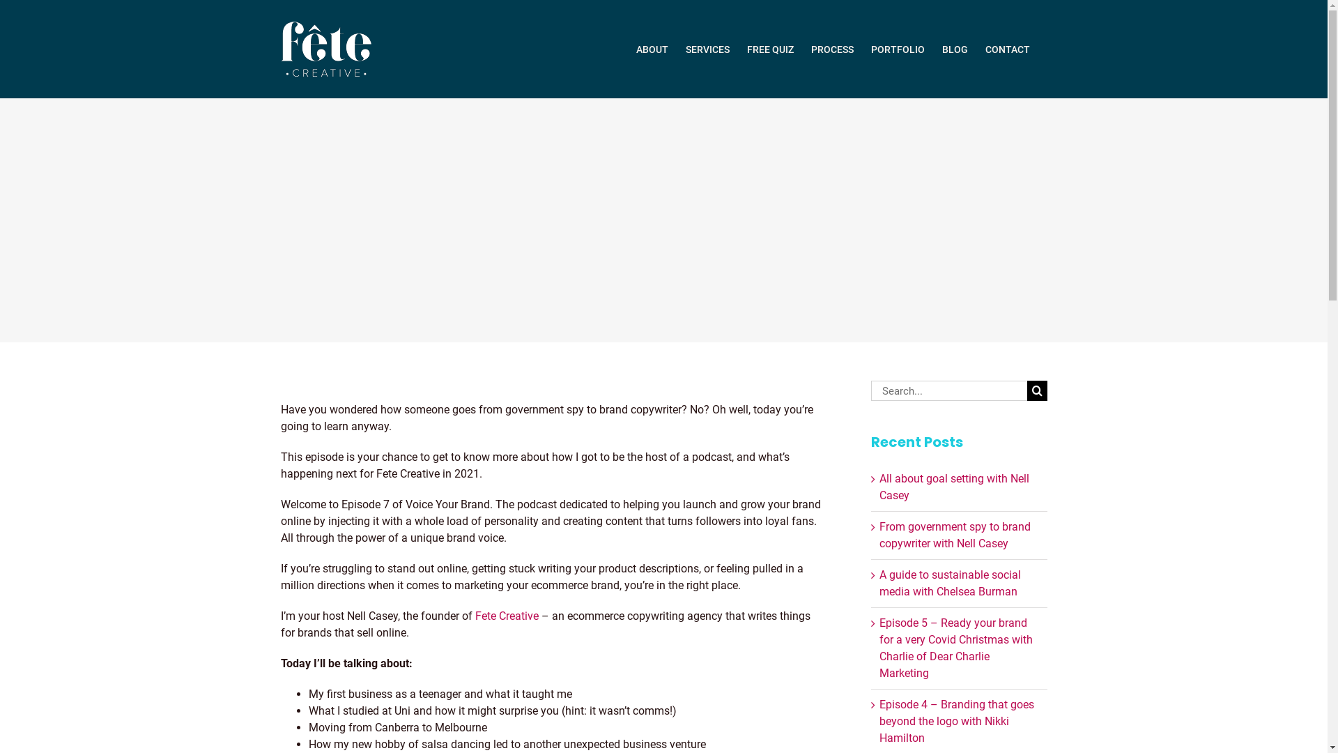 The height and width of the screenshot is (753, 1338). I want to click on 'PROCESS', so click(832, 48).